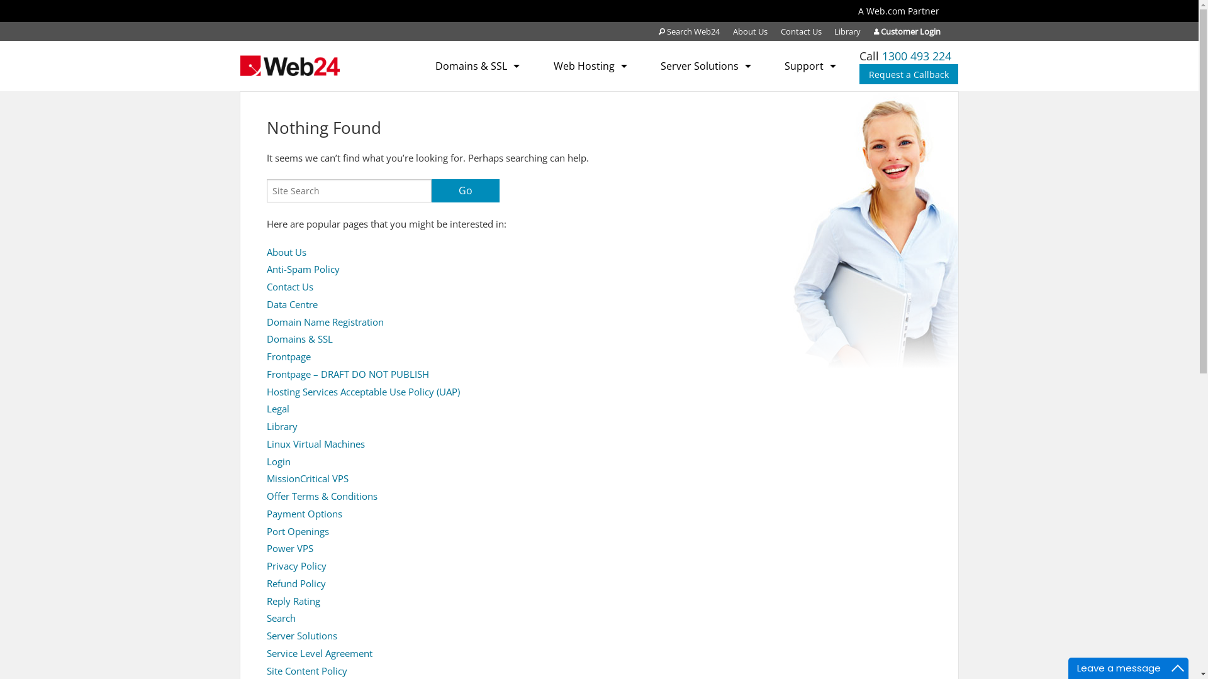 This screenshot has width=1208, height=679. Describe the element at coordinates (909, 74) in the screenshot. I see `'Request a Callback'` at that location.